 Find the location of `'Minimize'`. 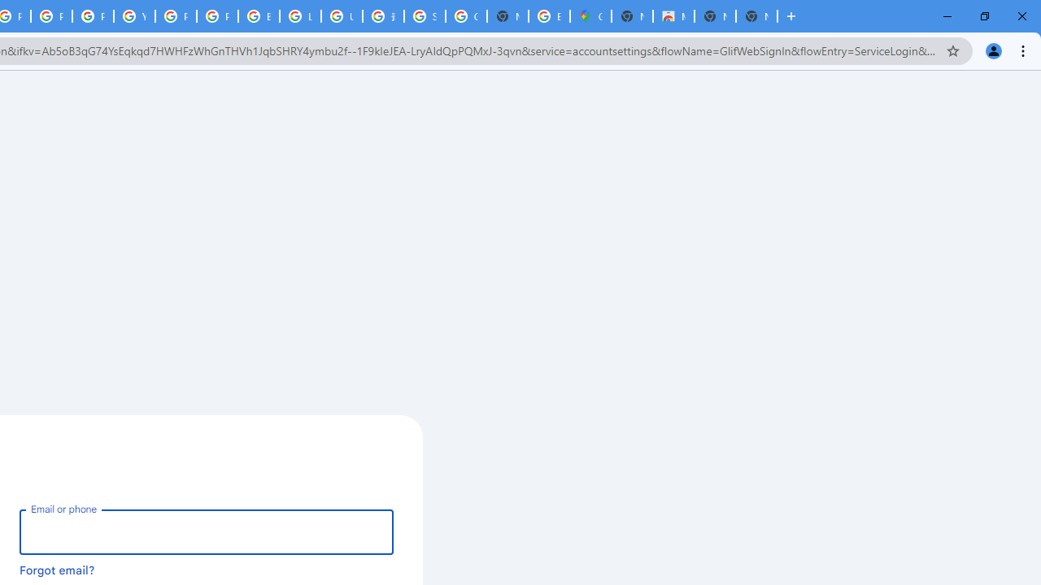

'Minimize' is located at coordinates (947, 16).